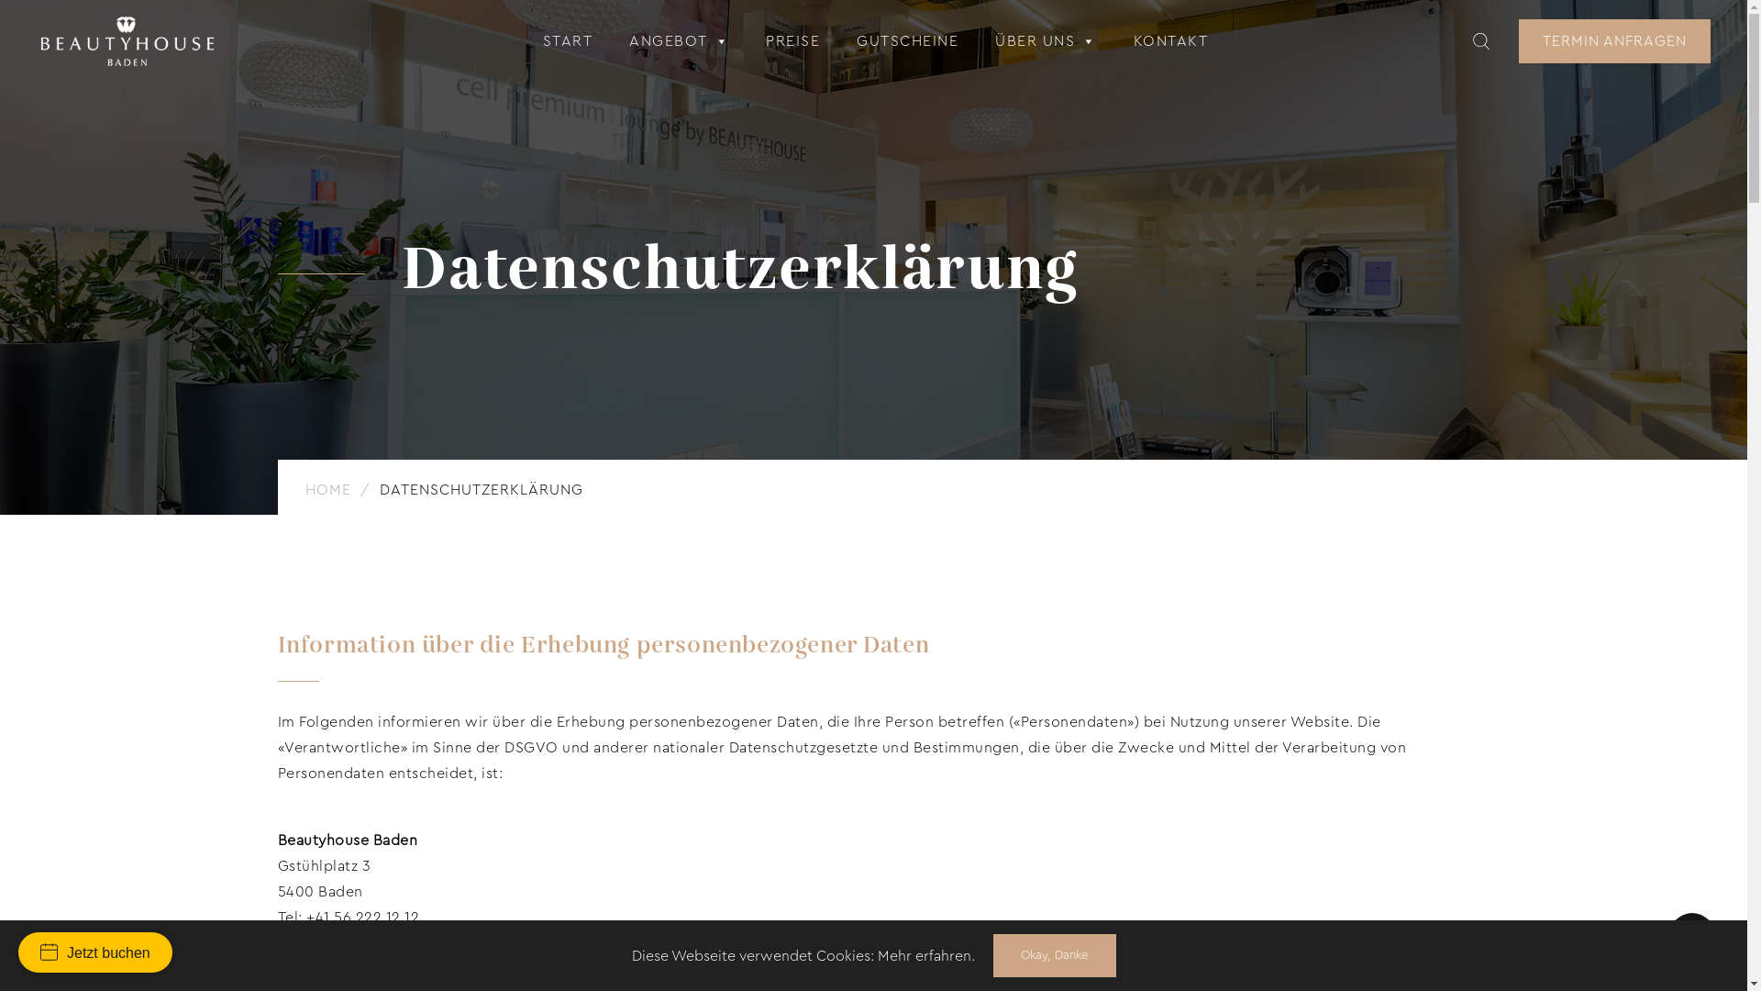  What do you see at coordinates (329, 488) in the screenshot?
I see `'HOME '` at bounding box center [329, 488].